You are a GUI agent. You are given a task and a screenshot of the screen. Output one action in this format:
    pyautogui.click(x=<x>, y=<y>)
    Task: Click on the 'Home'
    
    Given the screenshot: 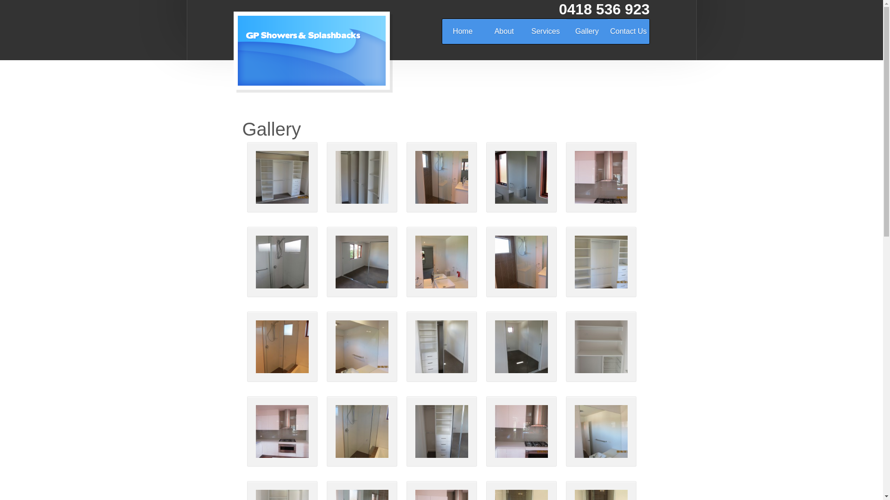 What is the action you would take?
    pyautogui.click(x=463, y=31)
    